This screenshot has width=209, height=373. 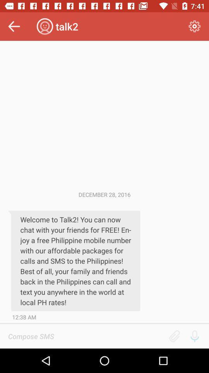 I want to click on type a message, so click(x=86, y=336).